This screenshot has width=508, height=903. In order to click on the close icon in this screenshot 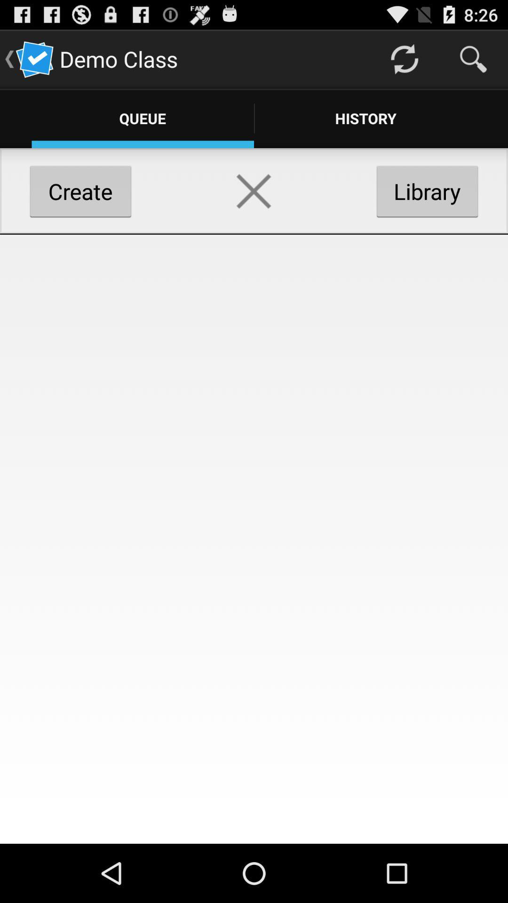, I will do `click(253, 204)`.